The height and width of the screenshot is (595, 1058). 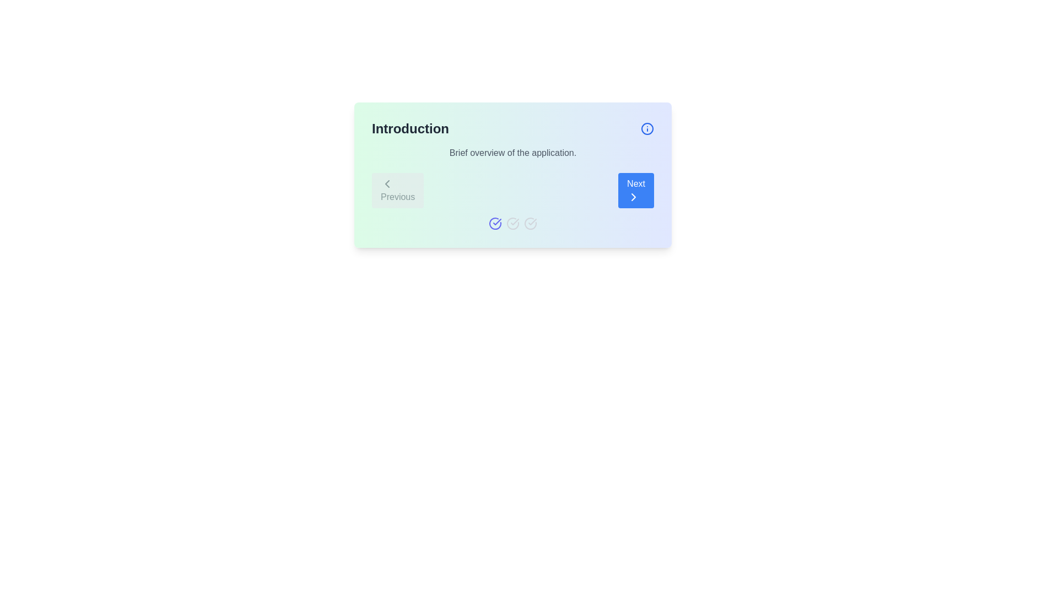 What do you see at coordinates (634, 197) in the screenshot?
I see `the chevron icon within the 'Next' button located in the bottom-right area of the card-like interface to indicate forward movement in a sequence or workflow` at bounding box center [634, 197].